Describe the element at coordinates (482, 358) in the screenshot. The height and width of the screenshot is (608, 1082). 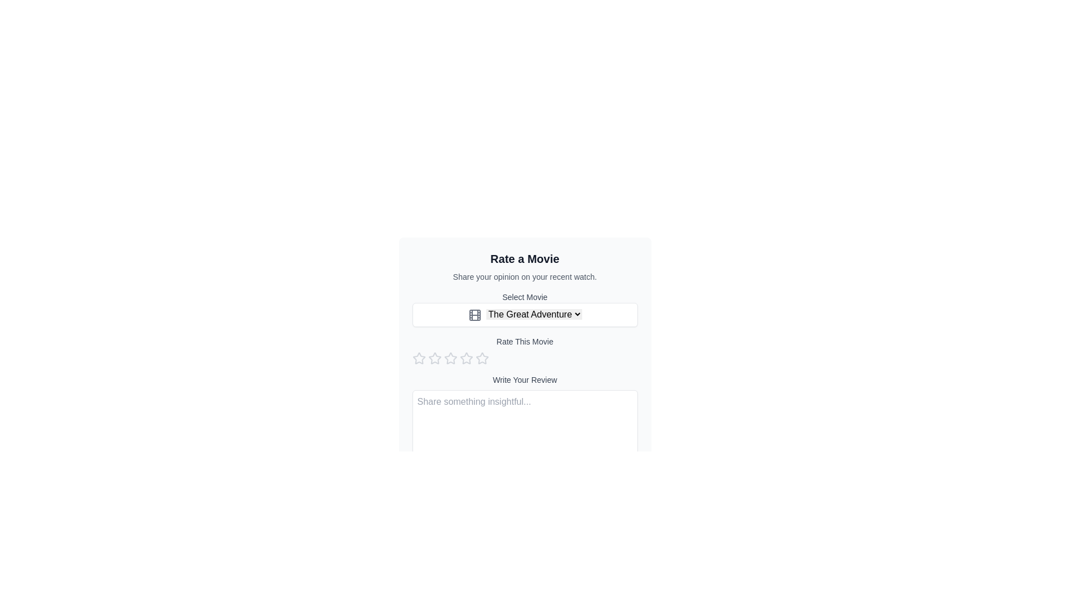
I see `the fifth star-shaped icon in the rating system` at that location.